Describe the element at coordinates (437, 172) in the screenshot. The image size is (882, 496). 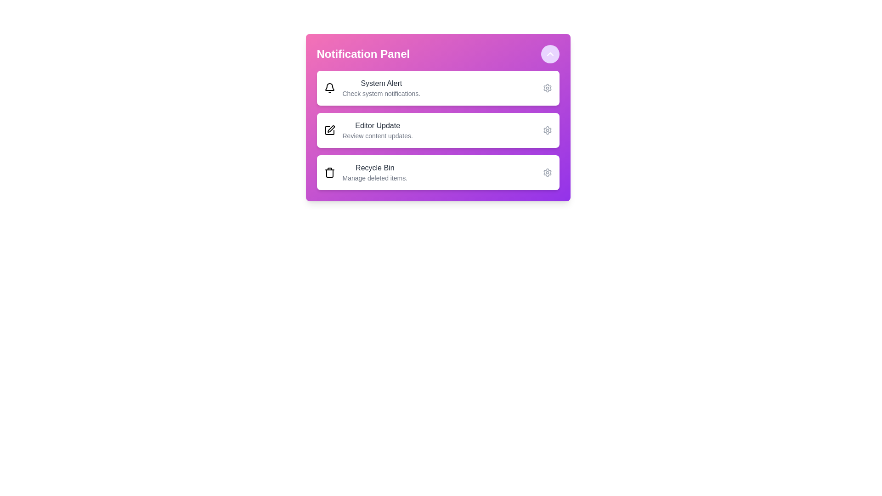
I see `the notification item Recycle Bin to observe the hover effect` at that location.